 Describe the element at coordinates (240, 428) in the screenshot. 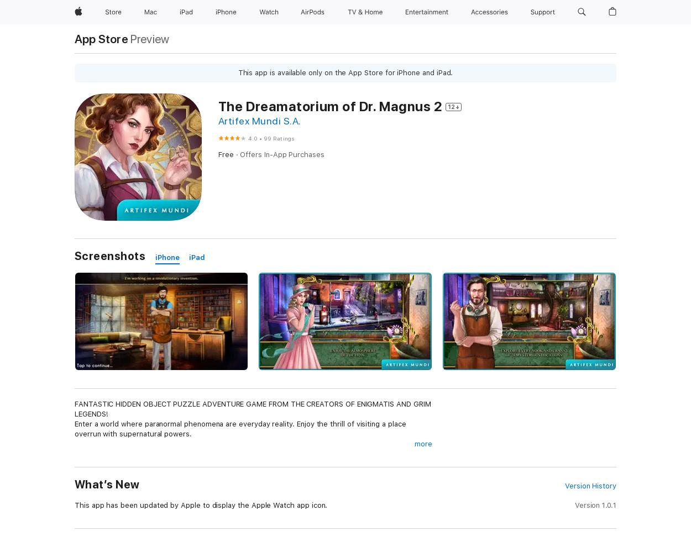

I see `'Enter a world where paranormal phenomena are everyday reality. Enjoy the thrill of visiting a place overrun with supernatural powers.'` at that location.